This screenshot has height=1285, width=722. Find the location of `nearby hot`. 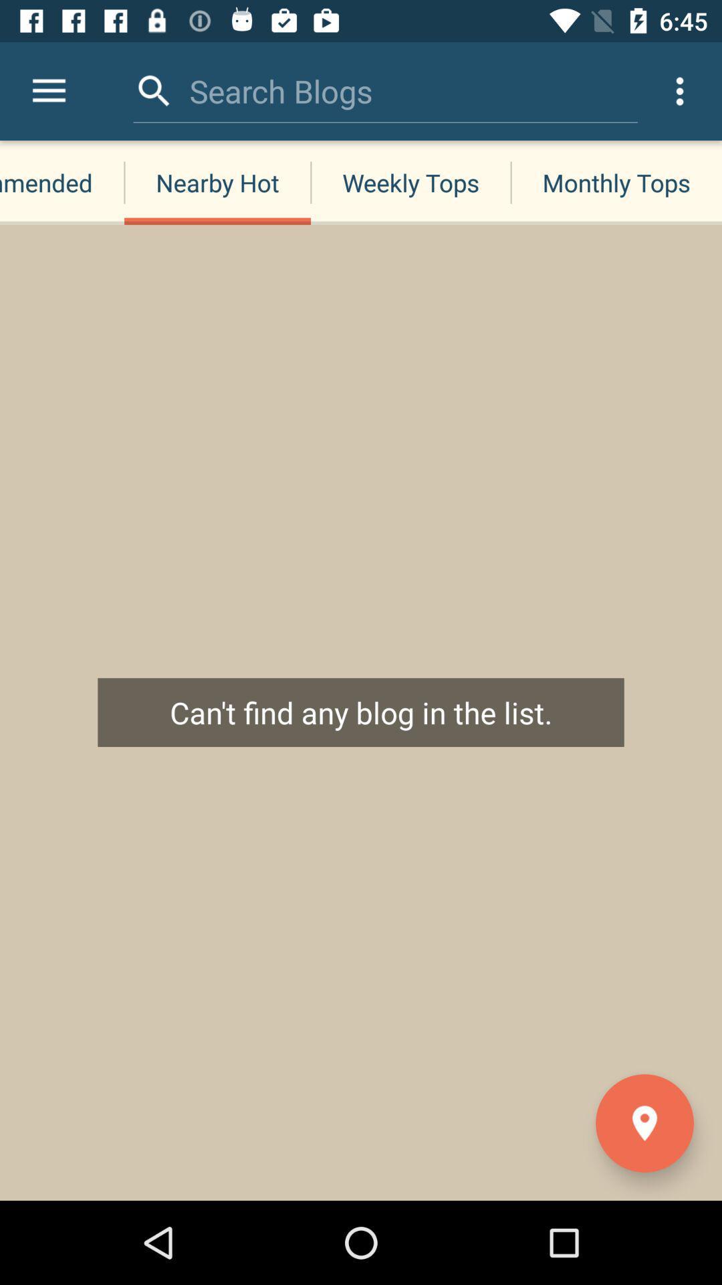

nearby hot is located at coordinates (217, 182).